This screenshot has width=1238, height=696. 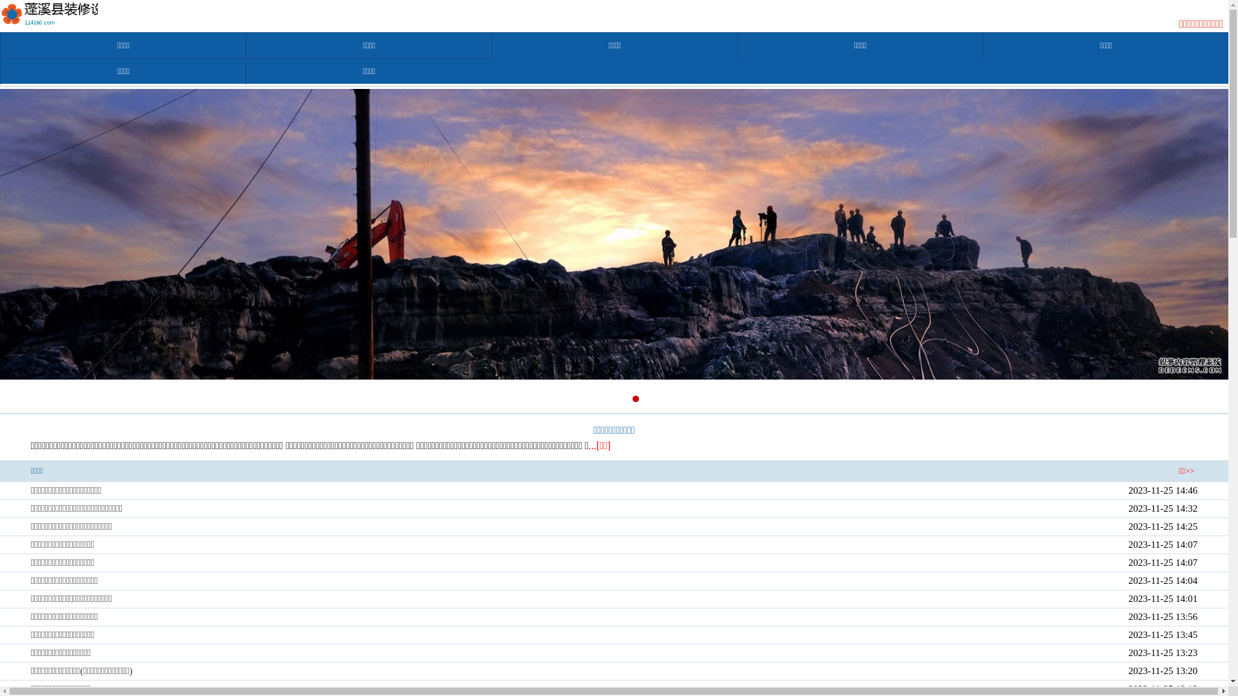 I want to click on '3', so click(x=621, y=398).